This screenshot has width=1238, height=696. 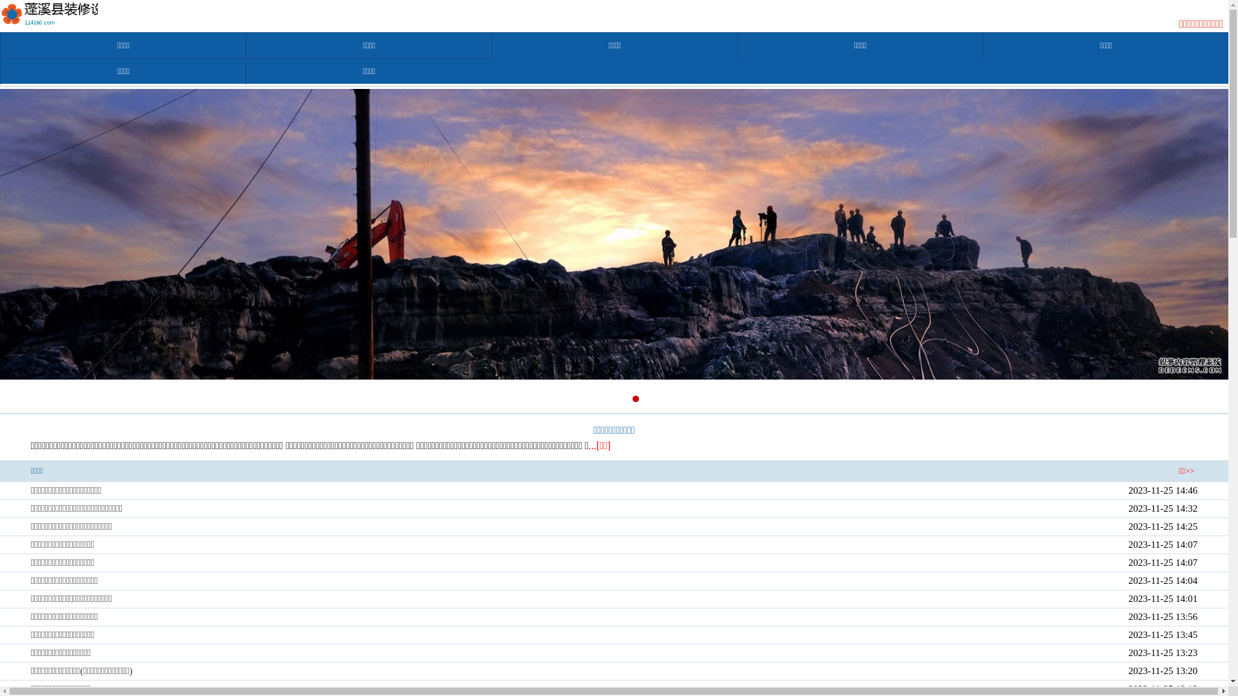 I want to click on '3', so click(x=621, y=398).